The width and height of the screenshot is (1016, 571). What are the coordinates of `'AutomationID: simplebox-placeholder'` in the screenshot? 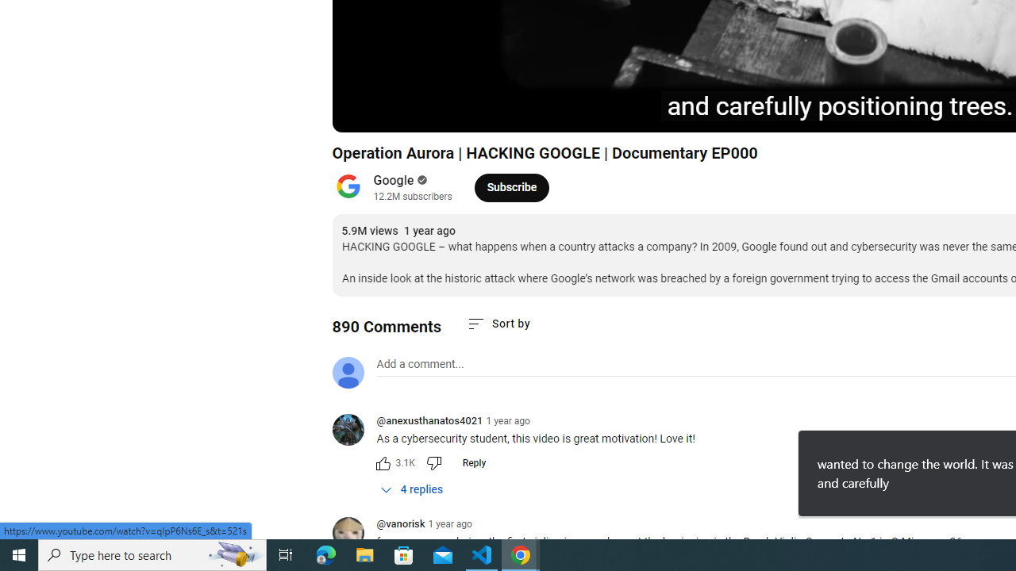 It's located at (420, 364).